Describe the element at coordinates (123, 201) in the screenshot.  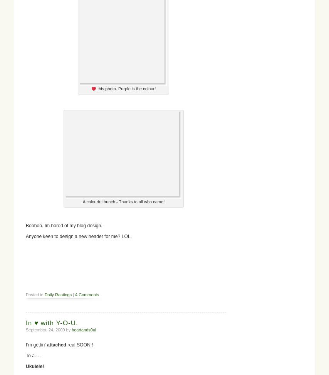
I see `'A colourful bunch - Thanks to all who came!'` at that location.